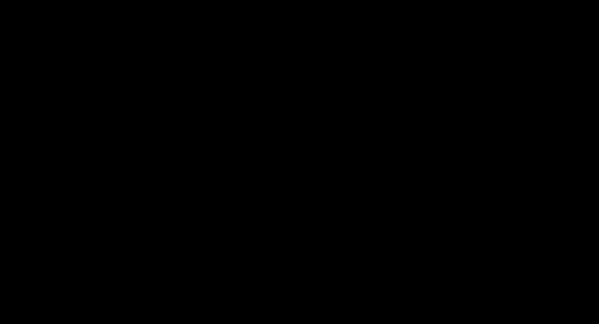 The height and width of the screenshot is (324, 599). I want to click on '. Hee hee hee!', so click(302, 308).